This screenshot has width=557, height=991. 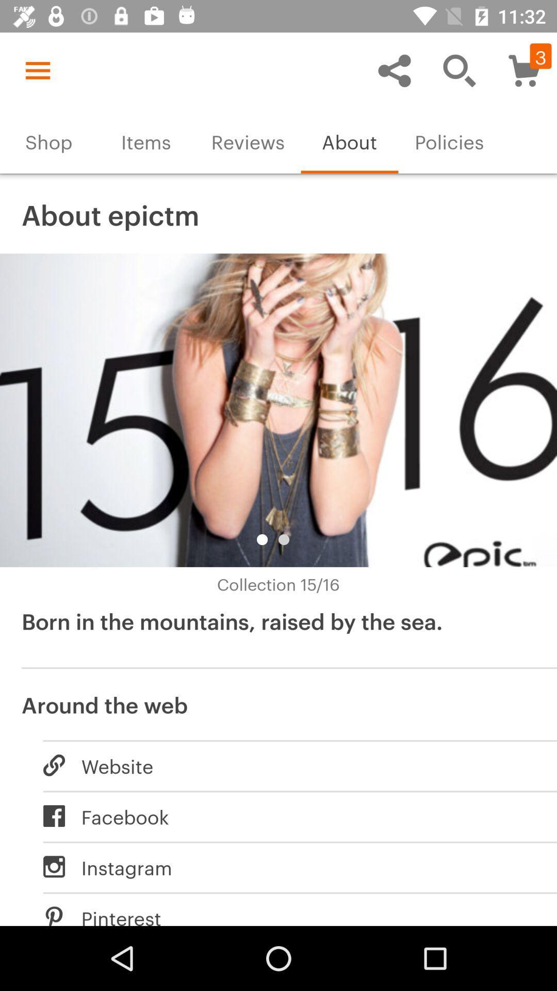 What do you see at coordinates (37, 70) in the screenshot?
I see `the icon above the shop item` at bounding box center [37, 70].